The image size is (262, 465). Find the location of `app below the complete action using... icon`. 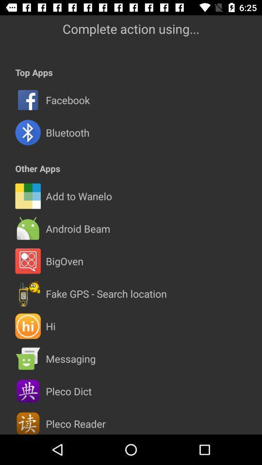

app below the complete action using... icon is located at coordinates (33, 72).